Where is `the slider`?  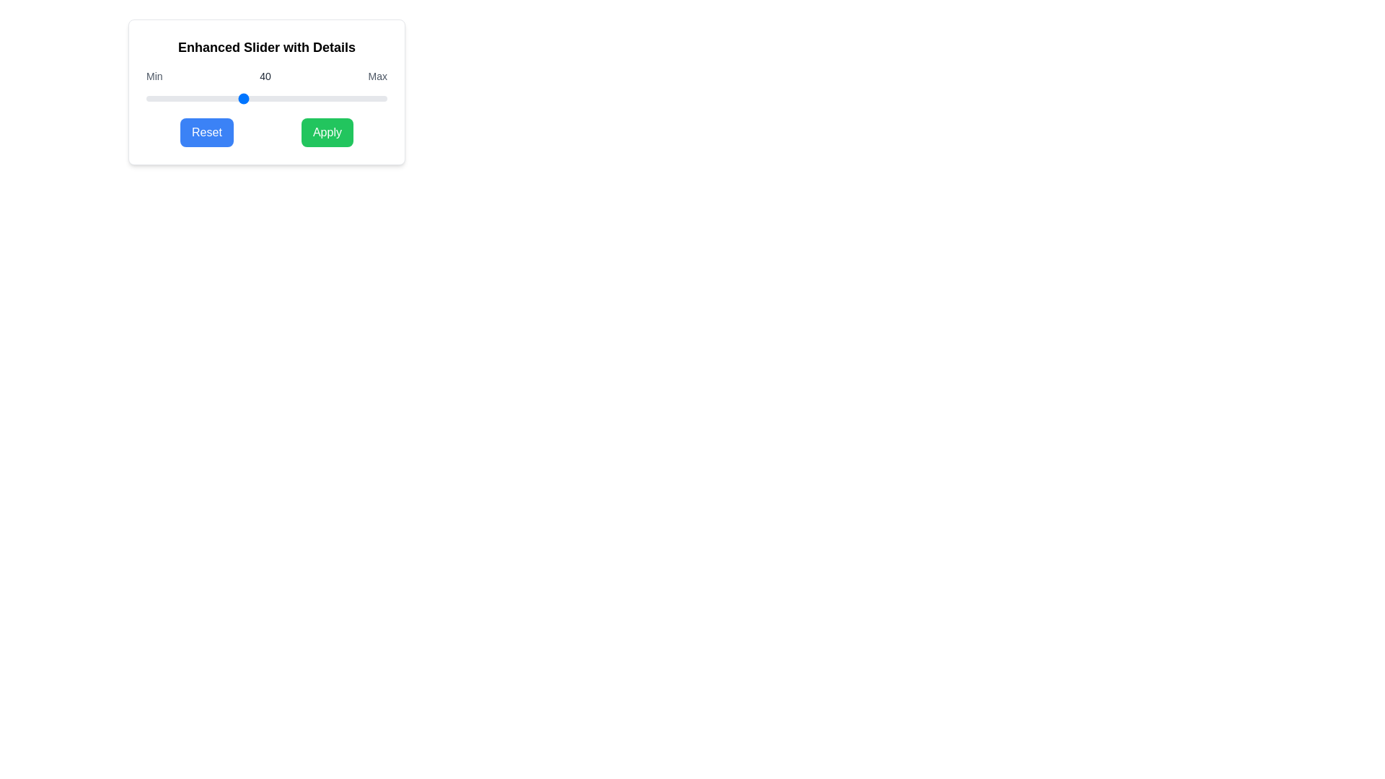
the slider is located at coordinates (302, 98).